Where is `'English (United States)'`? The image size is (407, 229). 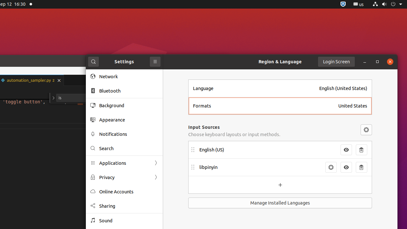
'English (United States)' is located at coordinates (343, 88).